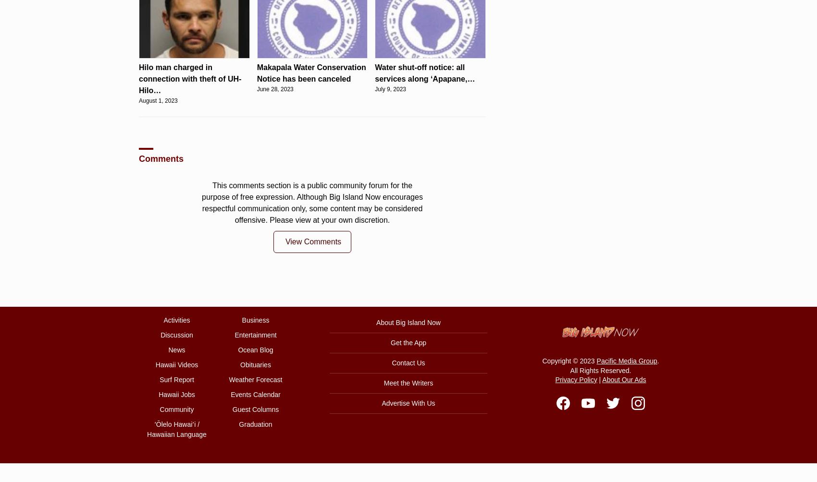  Describe the element at coordinates (161, 453) in the screenshot. I see `'October 25, 2023'` at that location.